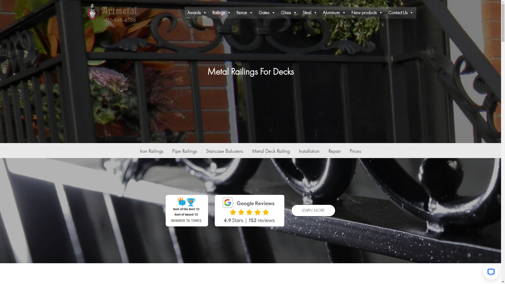 This screenshot has height=284, width=505. Describe the element at coordinates (224, 151) in the screenshot. I see `'Staircase Balusters'` at that location.